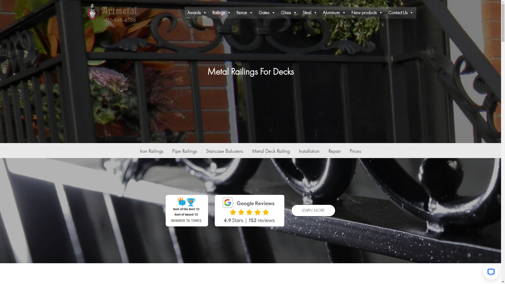 This screenshot has height=284, width=505. Describe the element at coordinates (224, 151) in the screenshot. I see `'Staircase Balusters'` at that location.